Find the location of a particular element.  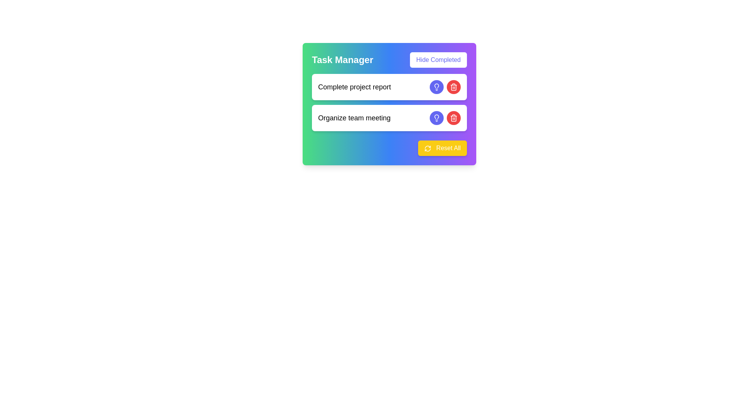

the text label displaying 'Complete project report', which is prominently positioned within the first task entry of the Task Manager interface is located at coordinates (354, 87).